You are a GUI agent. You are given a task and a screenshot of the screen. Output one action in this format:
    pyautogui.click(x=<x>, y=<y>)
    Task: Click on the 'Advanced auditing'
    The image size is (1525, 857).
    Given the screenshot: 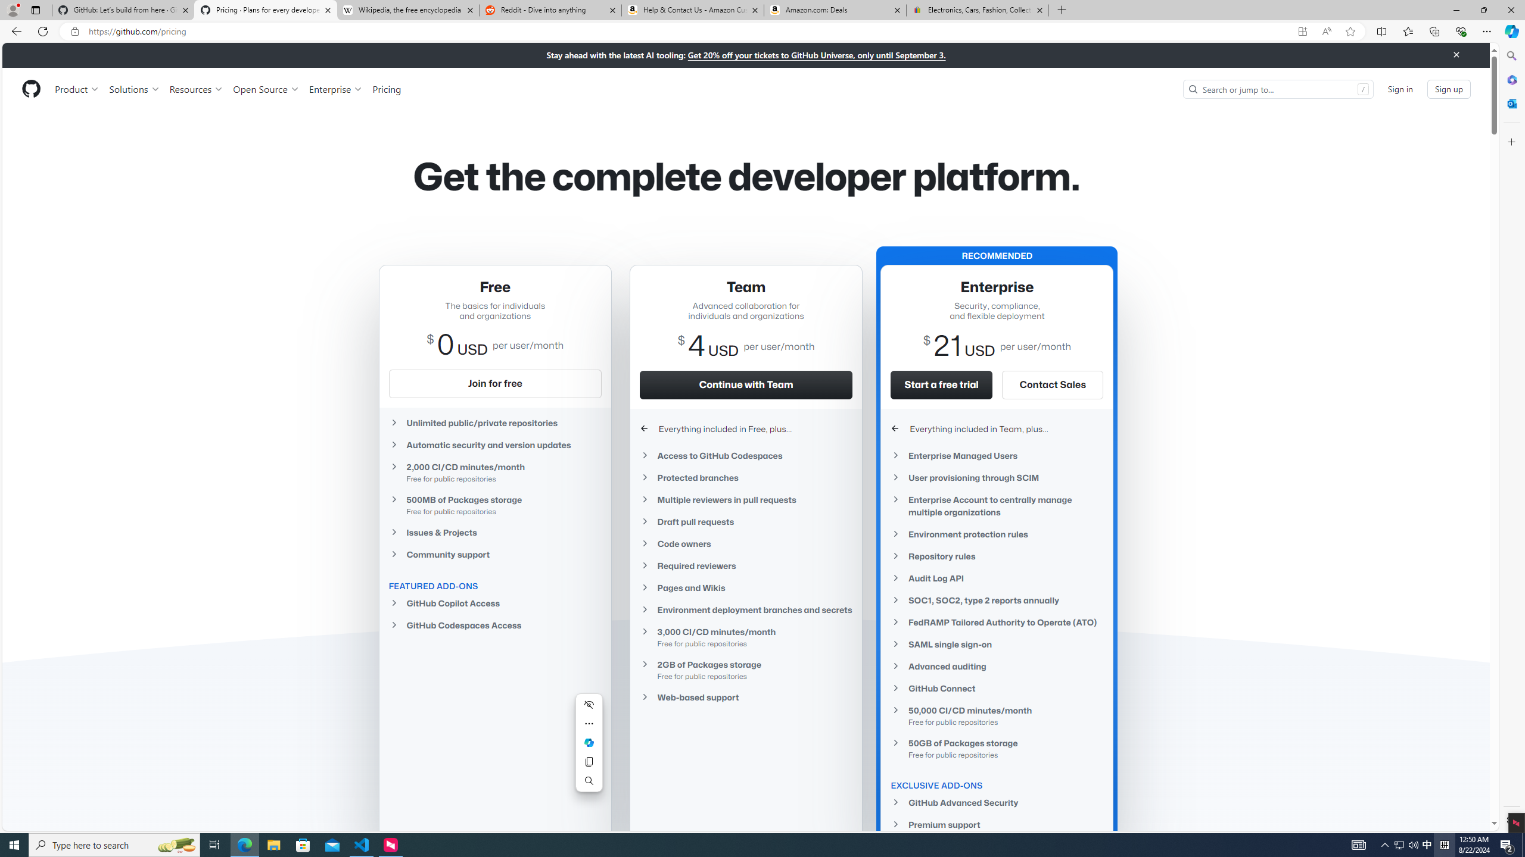 What is the action you would take?
    pyautogui.click(x=997, y=665)
    